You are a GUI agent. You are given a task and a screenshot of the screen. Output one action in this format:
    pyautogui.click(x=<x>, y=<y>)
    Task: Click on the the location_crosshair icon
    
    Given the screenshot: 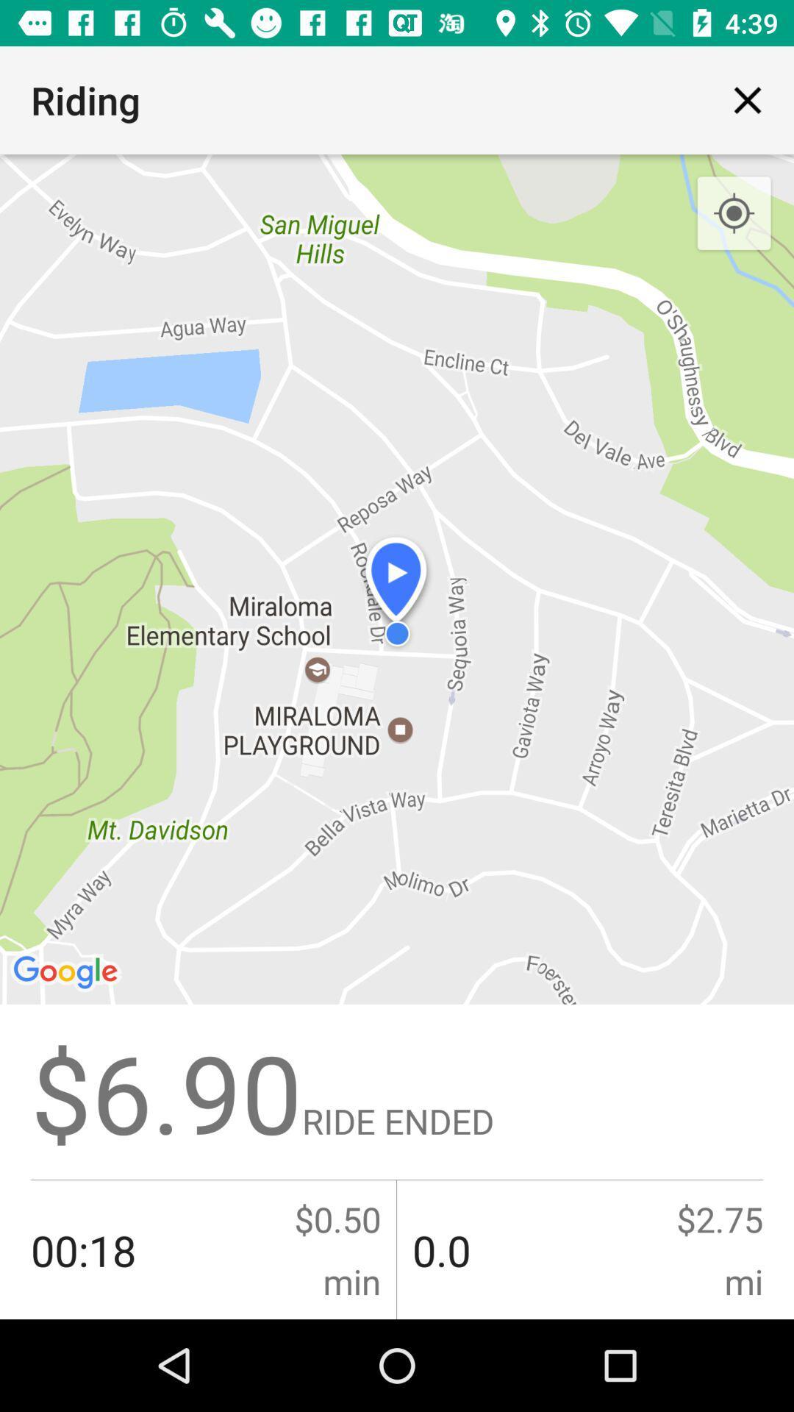 What is the action you would take?
    pyautogui.click(x=734, y=213)
    